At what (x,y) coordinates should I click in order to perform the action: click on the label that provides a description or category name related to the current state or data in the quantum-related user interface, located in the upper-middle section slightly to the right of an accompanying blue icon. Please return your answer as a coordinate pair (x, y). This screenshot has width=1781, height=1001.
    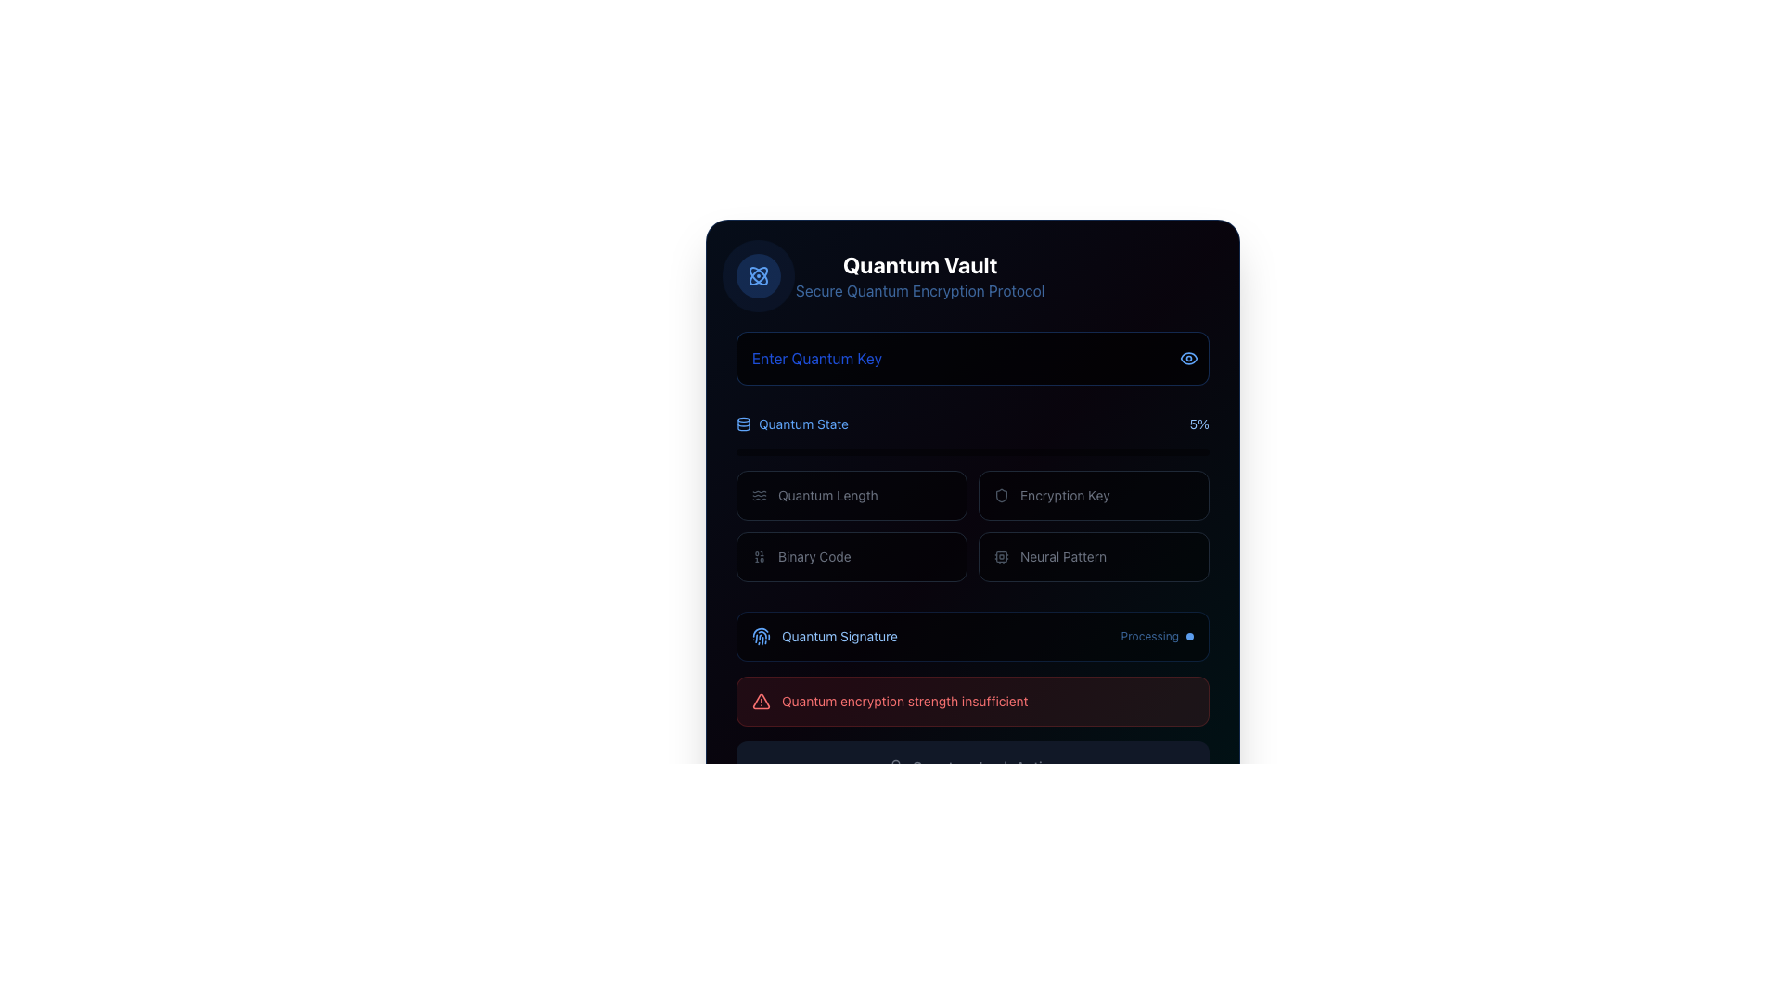
    Looking at the image, I should click on (803, 424).